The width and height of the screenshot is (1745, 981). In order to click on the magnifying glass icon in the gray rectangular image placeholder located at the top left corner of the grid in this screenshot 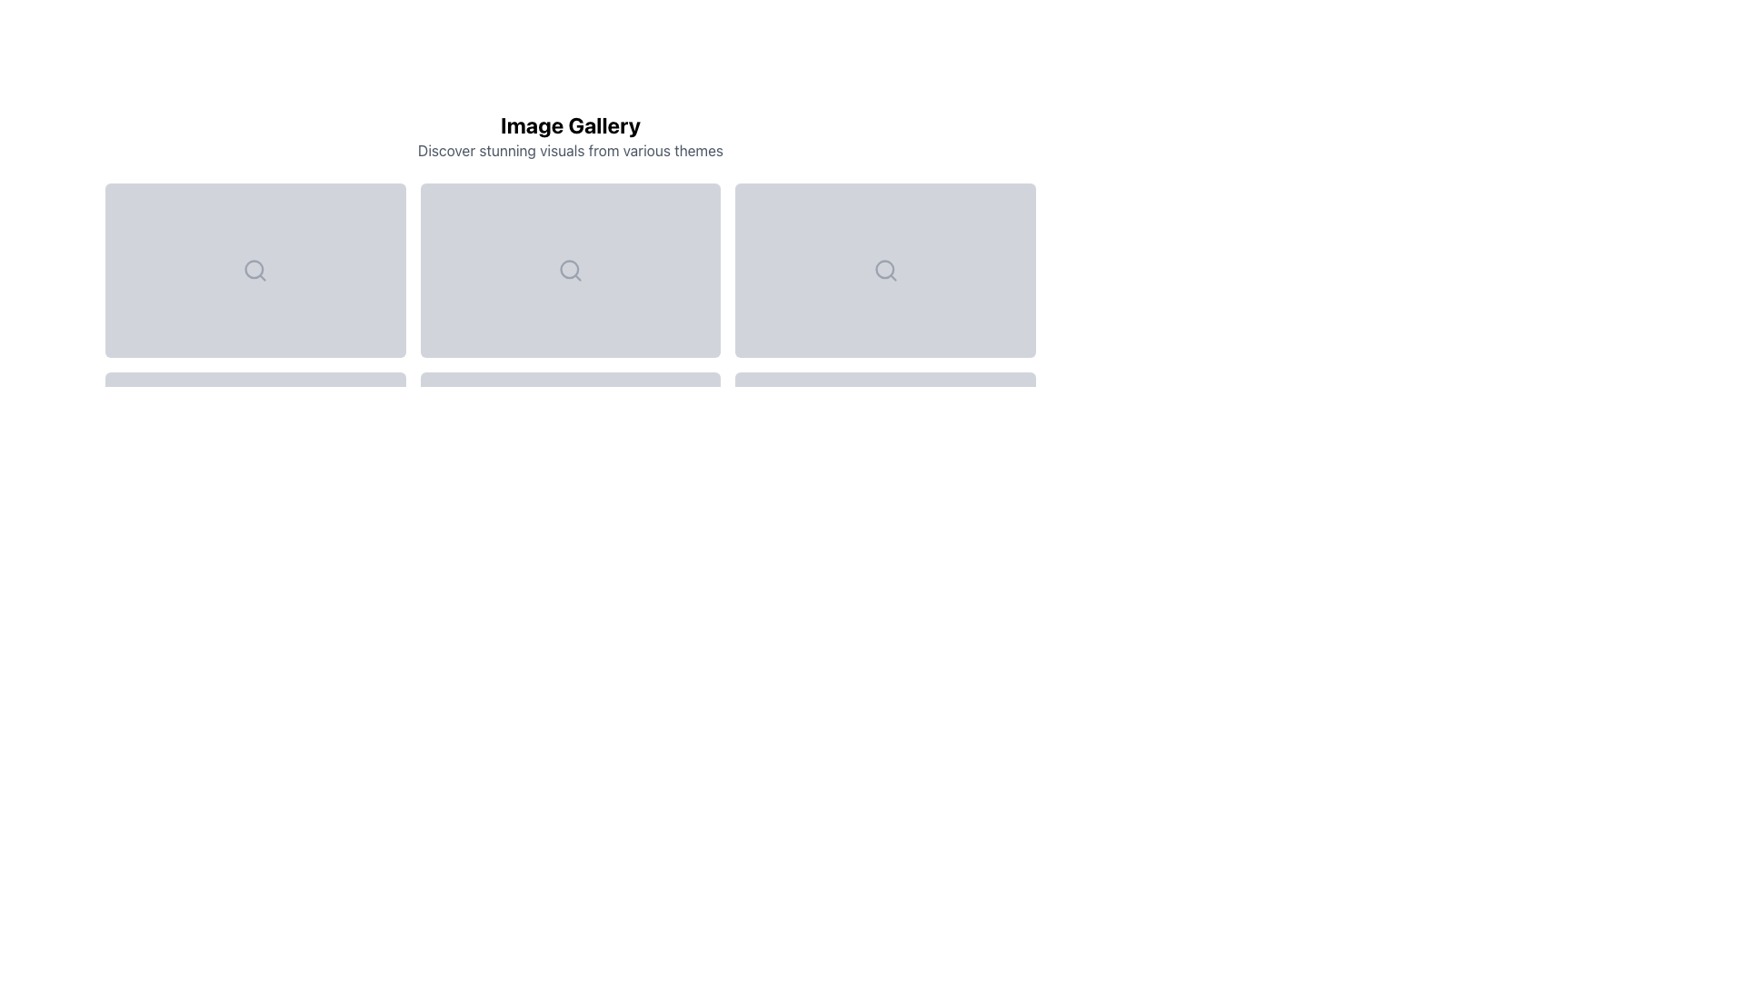, I will do `click(254, 270)`.